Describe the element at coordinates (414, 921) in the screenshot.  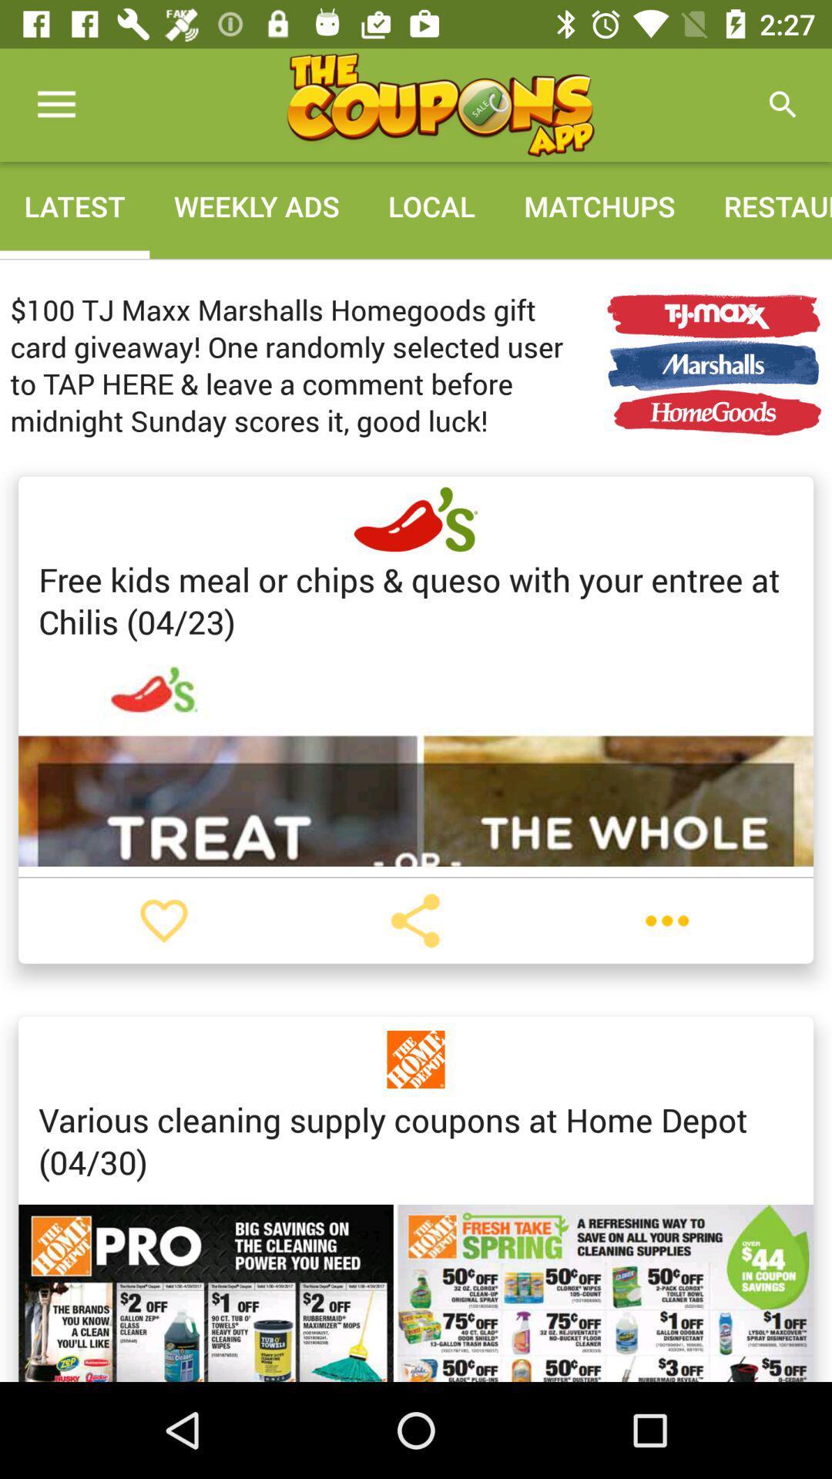
I see `share this coupon` at that location.